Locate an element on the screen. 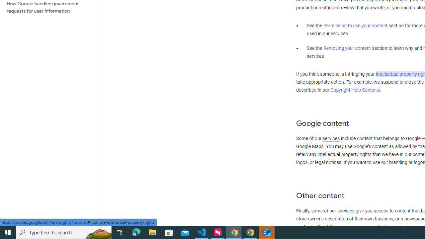 The image size is (425, 239). 'services' is located at coordinates (345, 211).